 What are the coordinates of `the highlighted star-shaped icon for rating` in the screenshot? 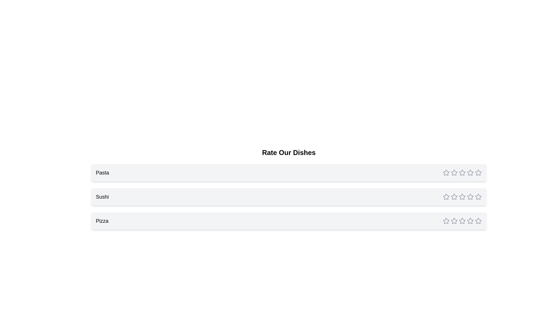 It's located at (462, 196).